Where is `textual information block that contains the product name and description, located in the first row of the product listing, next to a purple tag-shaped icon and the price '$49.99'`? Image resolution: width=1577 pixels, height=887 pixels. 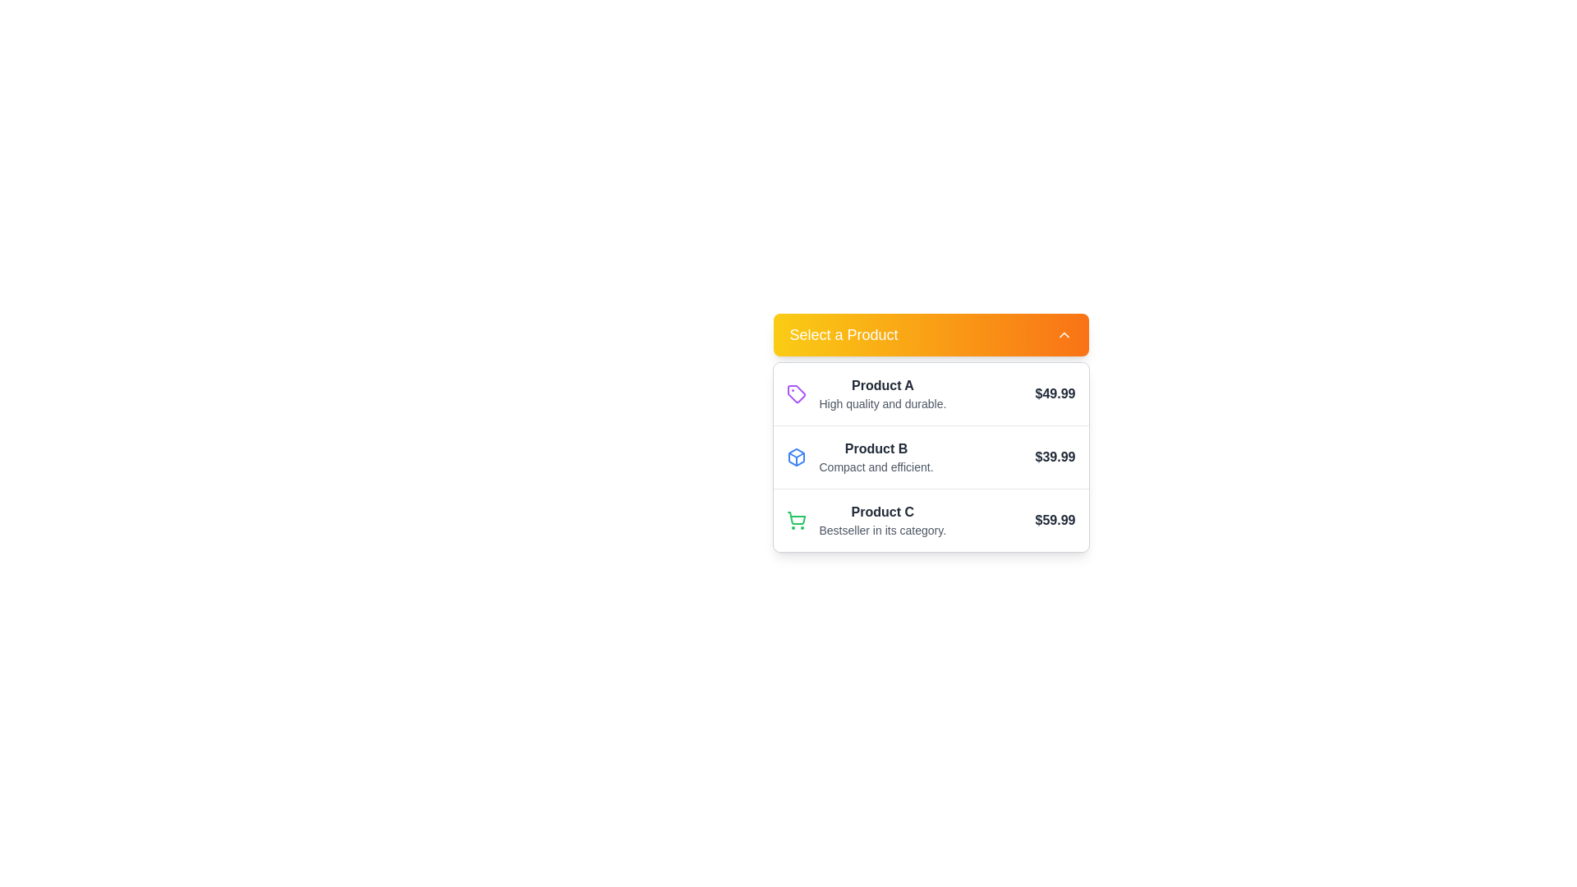
textual information block that contains the product name and description, located in the first row of the product listing, next to a purple tag-shaped icon and the price '$49.99' is located at coordinates (882, 393).